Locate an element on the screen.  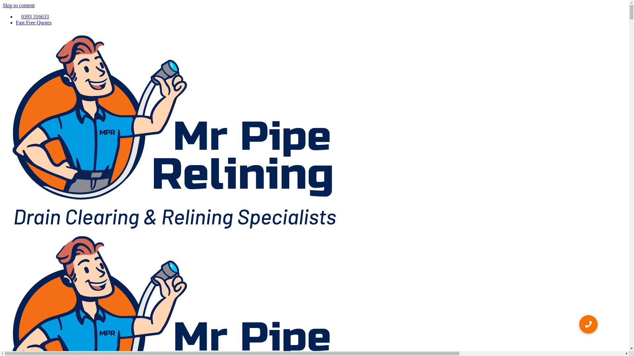
'Skip to content' is located at coordinates (18, 5).